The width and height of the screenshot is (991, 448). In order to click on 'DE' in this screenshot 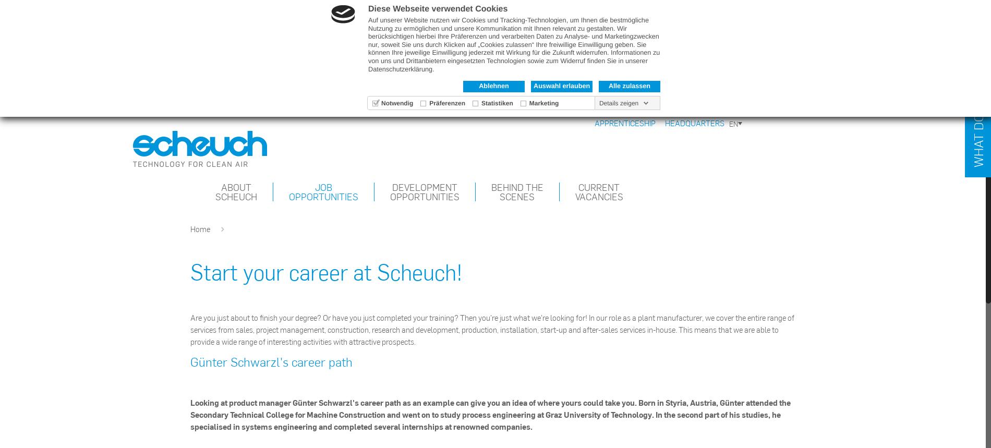, I will do `click(733, 135)`.